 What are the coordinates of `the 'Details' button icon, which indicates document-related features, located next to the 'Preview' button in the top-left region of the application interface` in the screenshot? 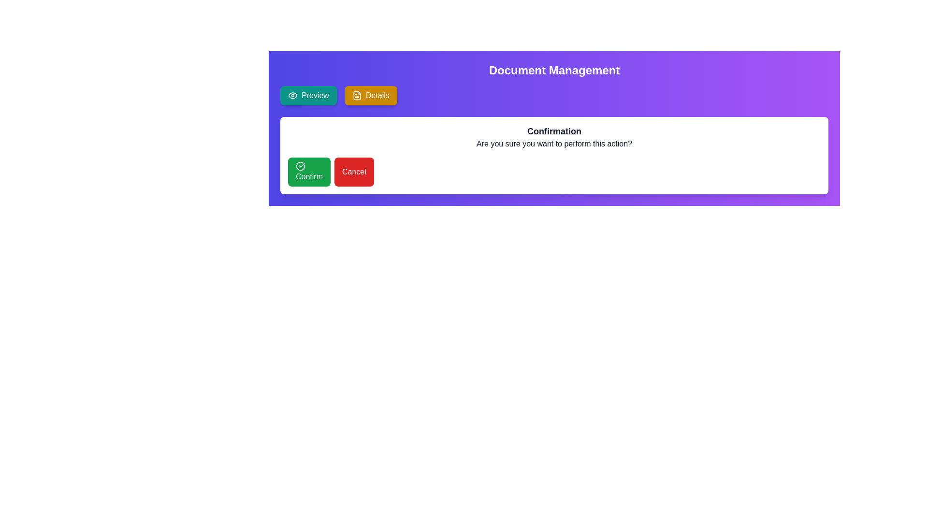 It's located at (356, 95).